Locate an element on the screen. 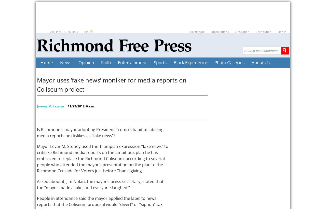 This screenshot has height=209, width=326. 'Mayor uses ‘fake news’ moniker for media reports on Coliseum project' is located at coordinates (111, 84).